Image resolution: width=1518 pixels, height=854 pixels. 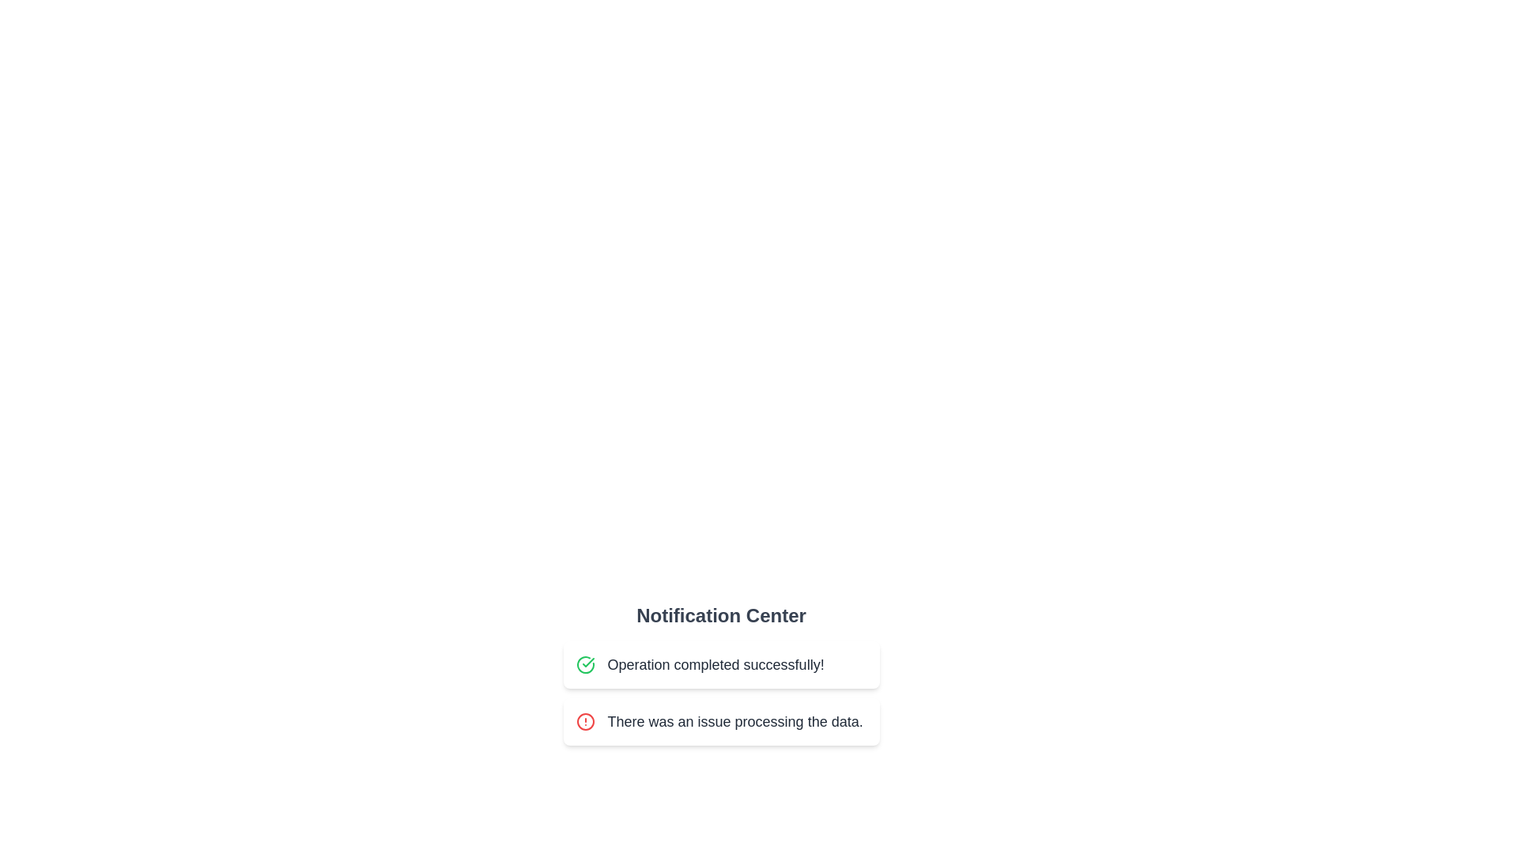 What do you see at coordinates (720, 664) in the screenshot?
I see `the first success notification in the Notification Center, which indicates that an operation was completed successfully` at bounding box center [720, 664].